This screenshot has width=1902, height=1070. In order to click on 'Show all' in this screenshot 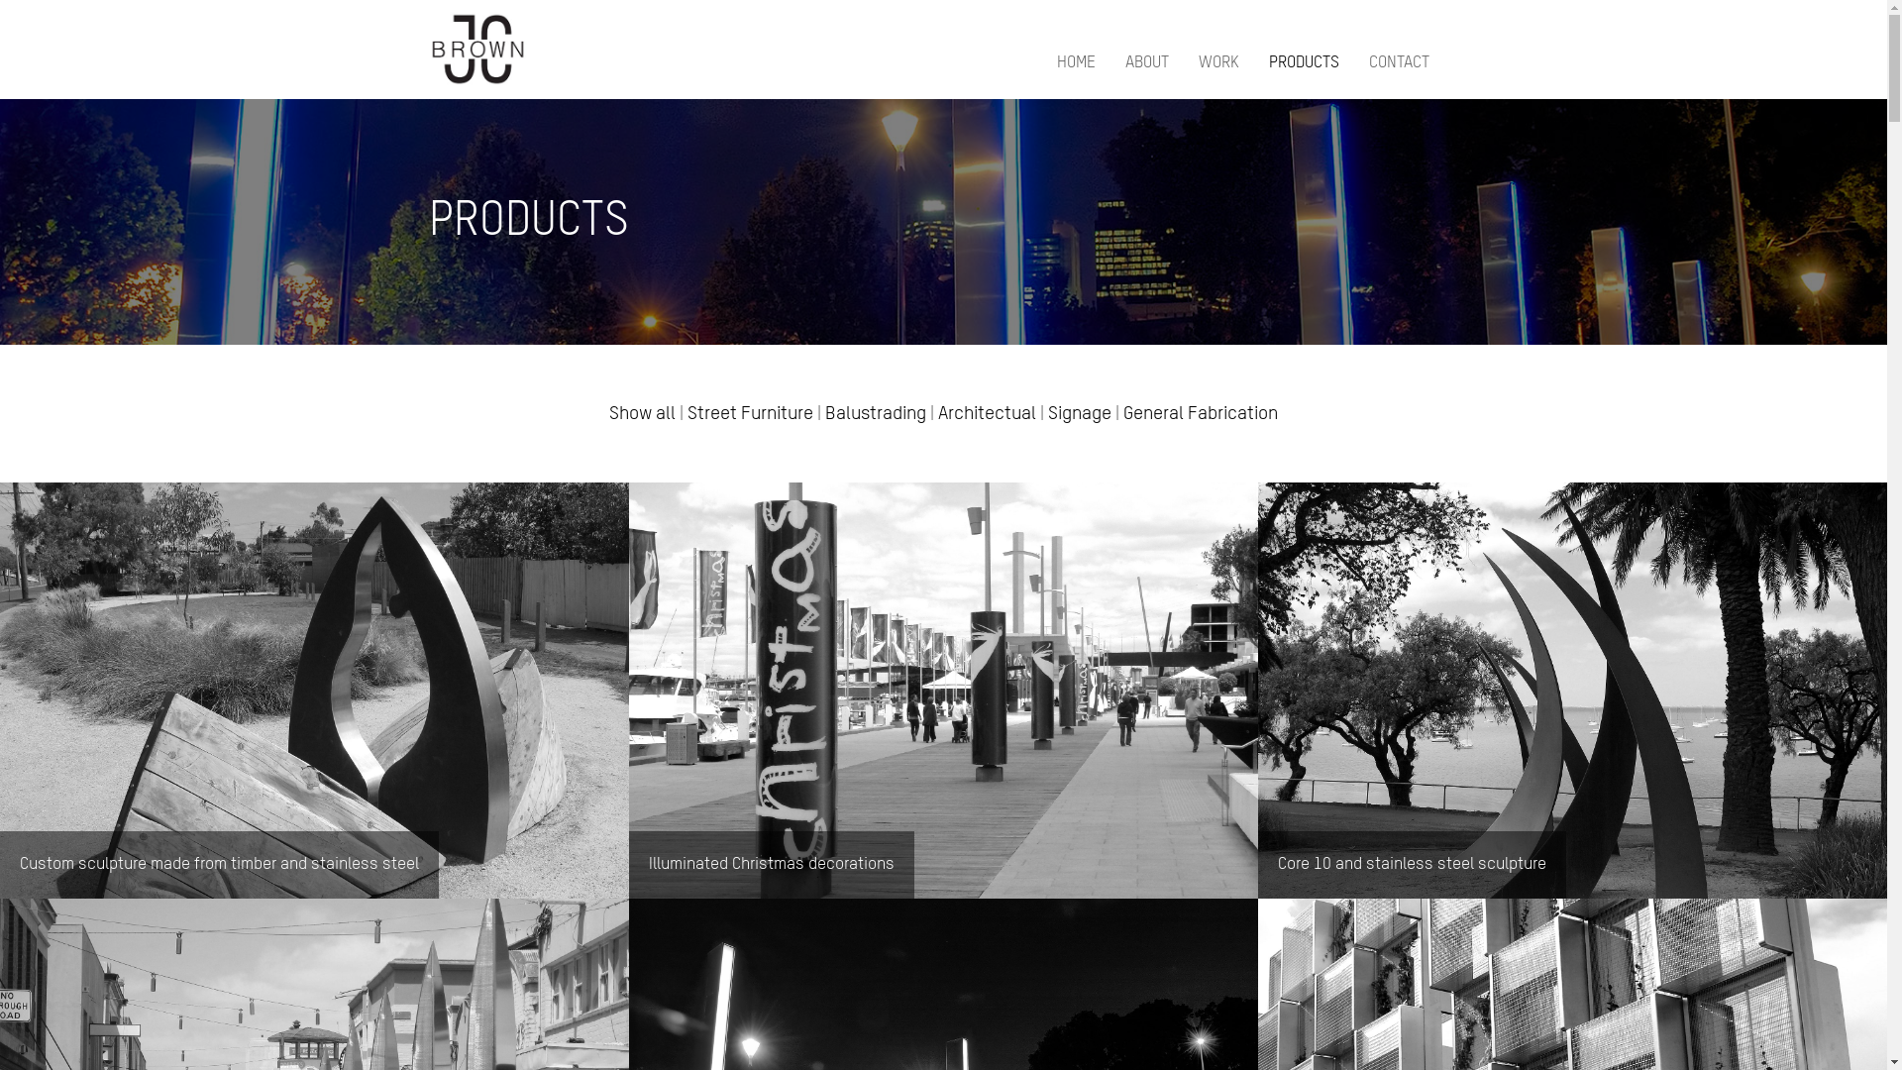, I will do `click(642, 412)`.